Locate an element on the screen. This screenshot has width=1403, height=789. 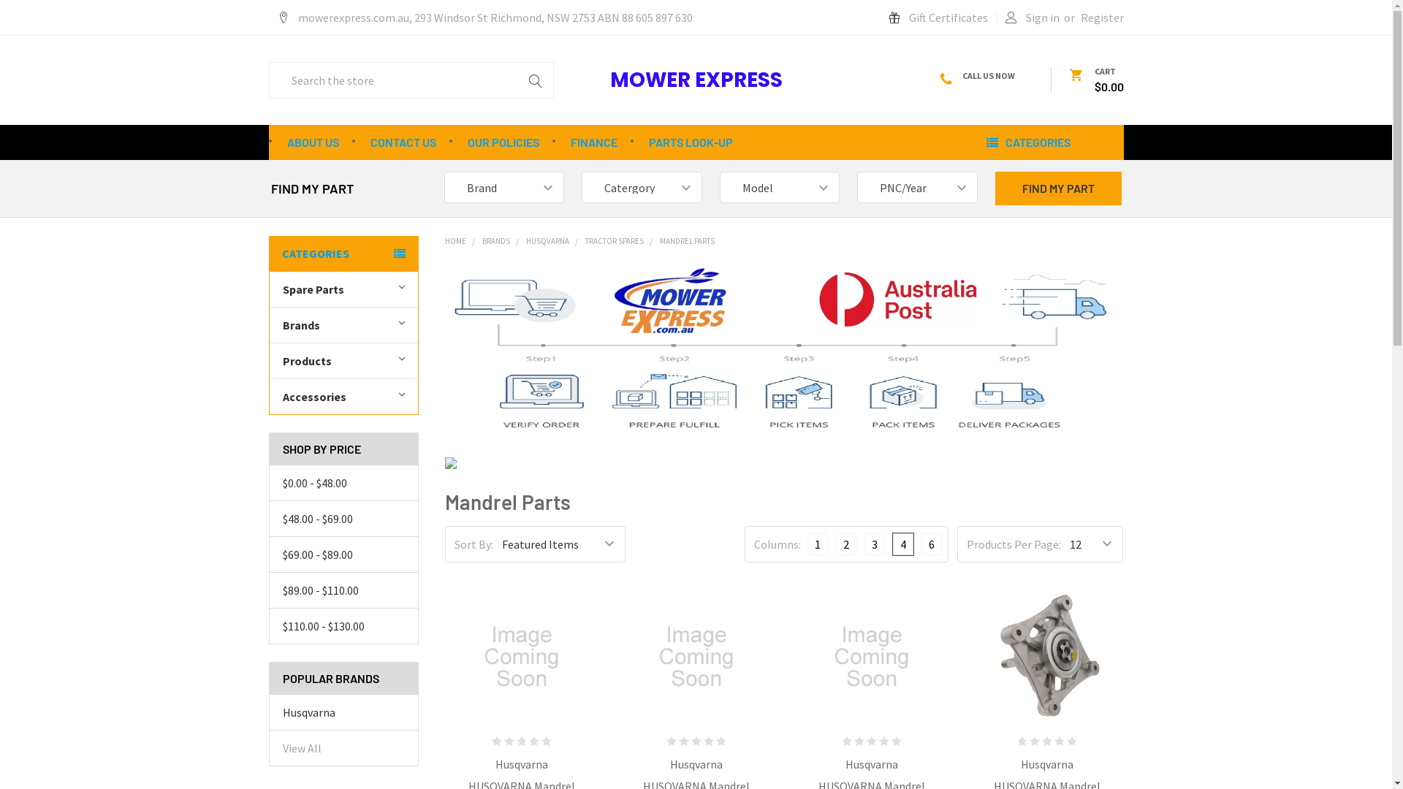
'Sign in' is located at coordinates (1031, 17).